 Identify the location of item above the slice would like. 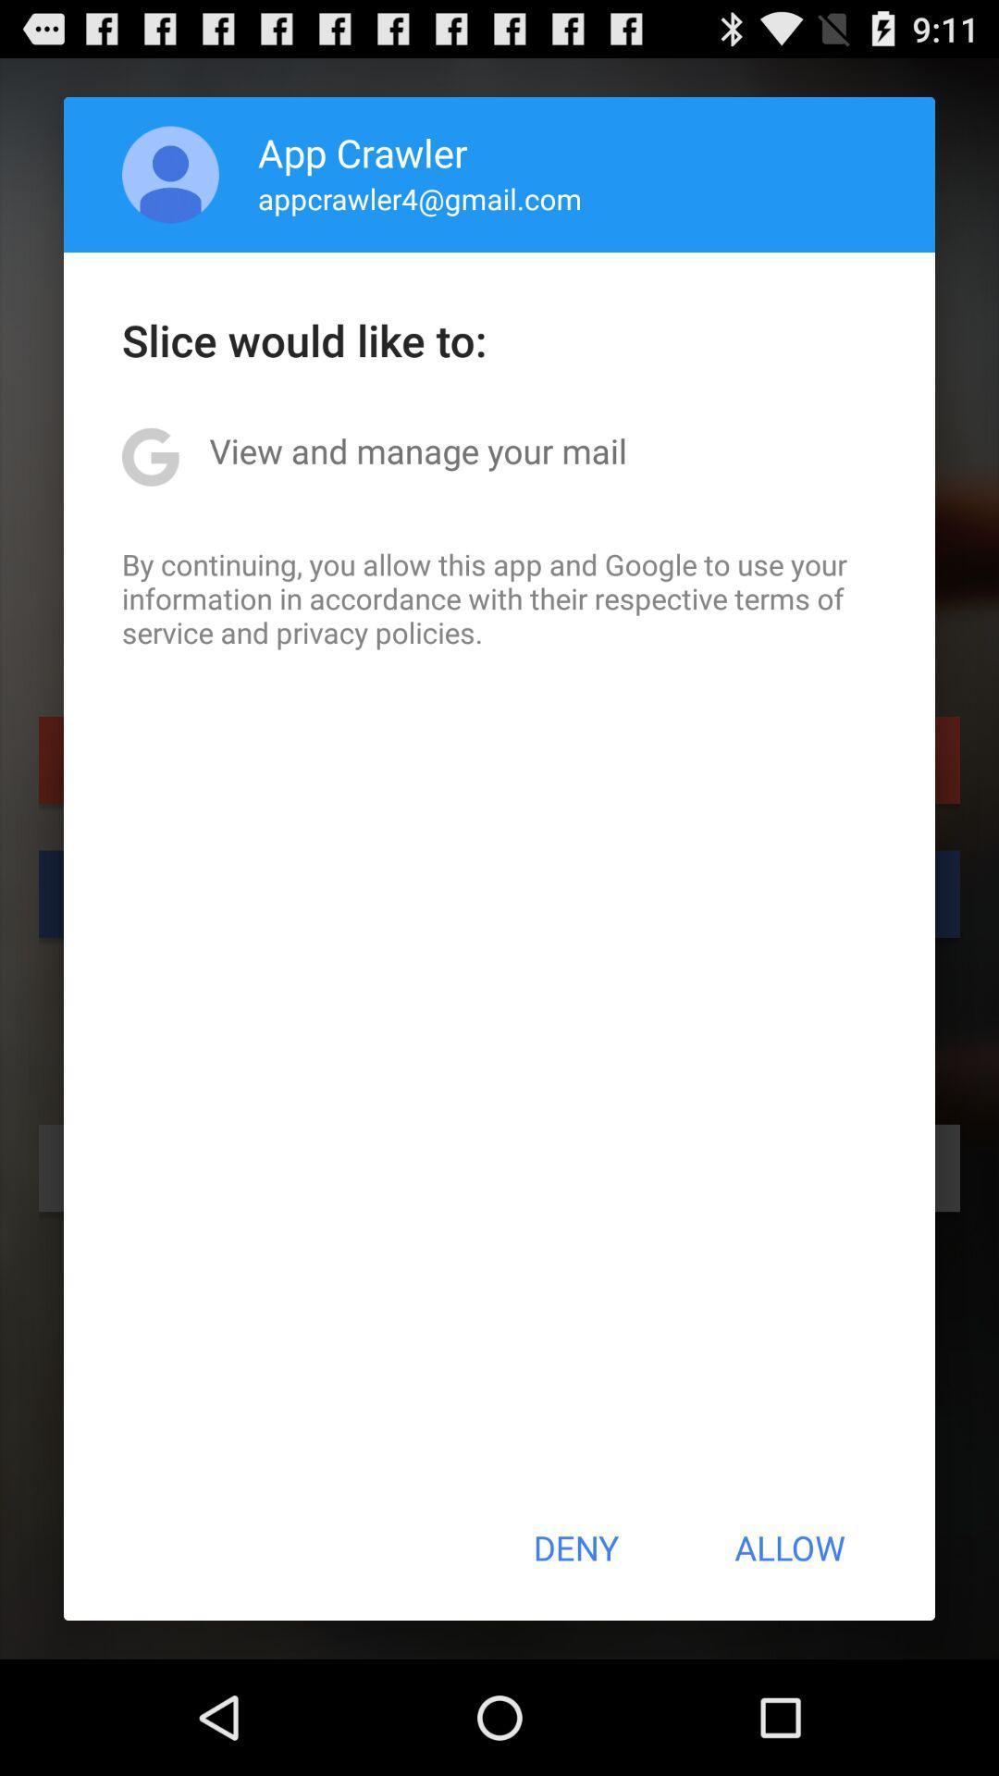
(420, 198).